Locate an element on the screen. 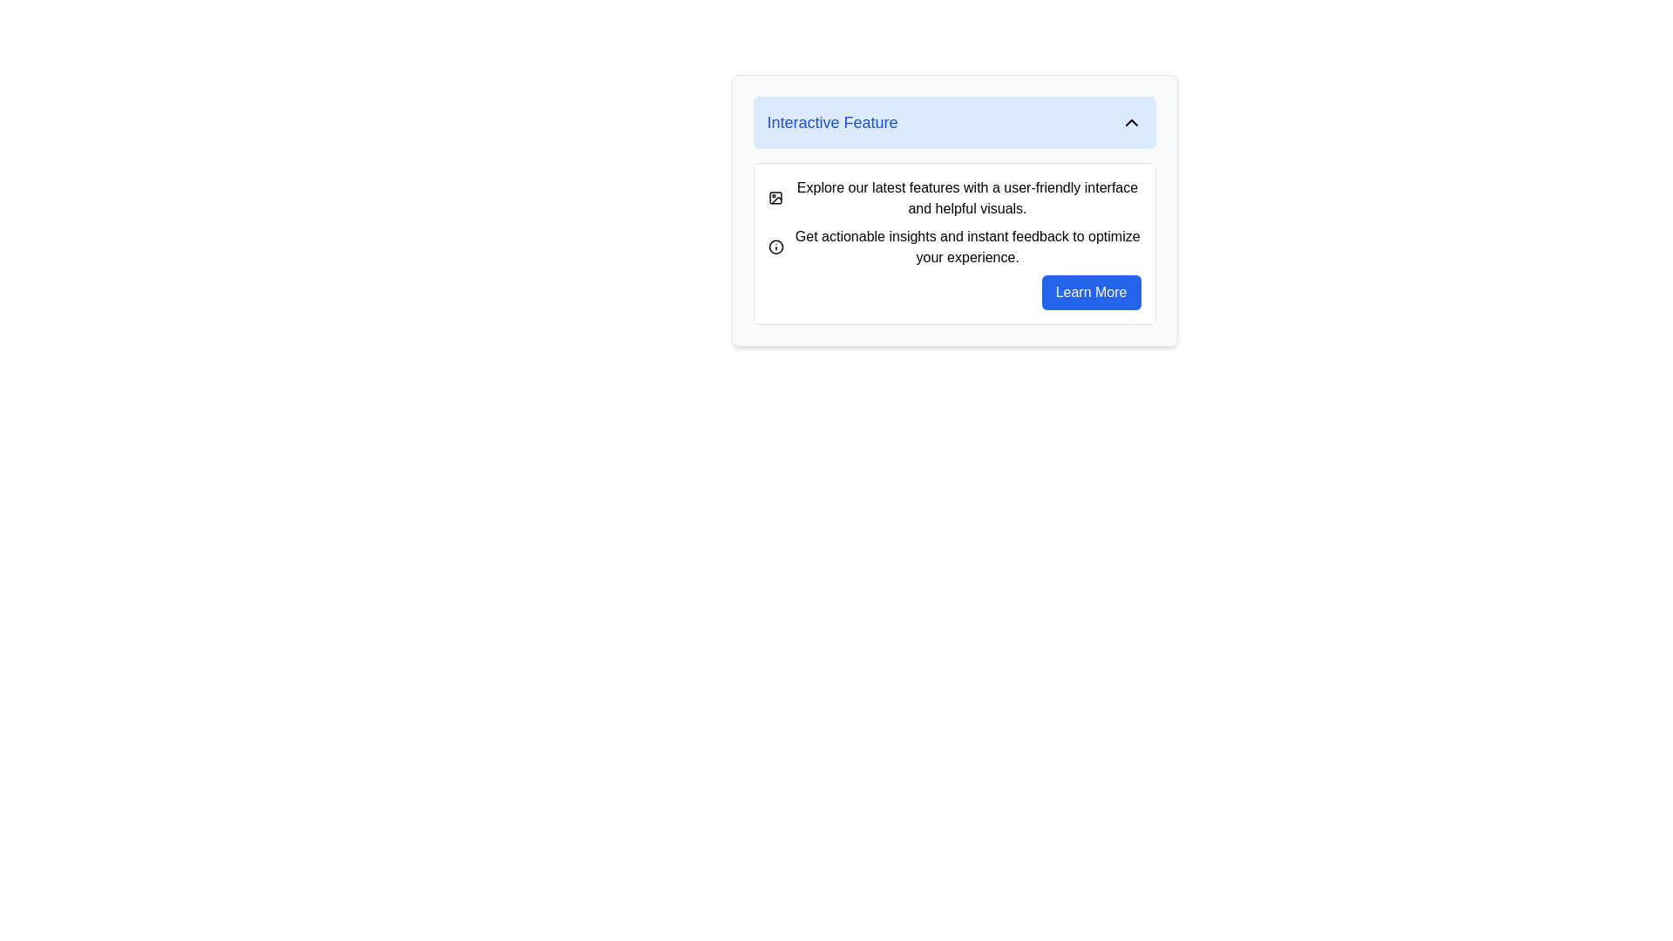 The height and width of the screenshot is (941, 1673). the circle vector graphic element that enhances the informational icon within the card-like interface, located near the top-right of the text block under the heading 'Interactive Feature' is located at coordinates (775, 247).